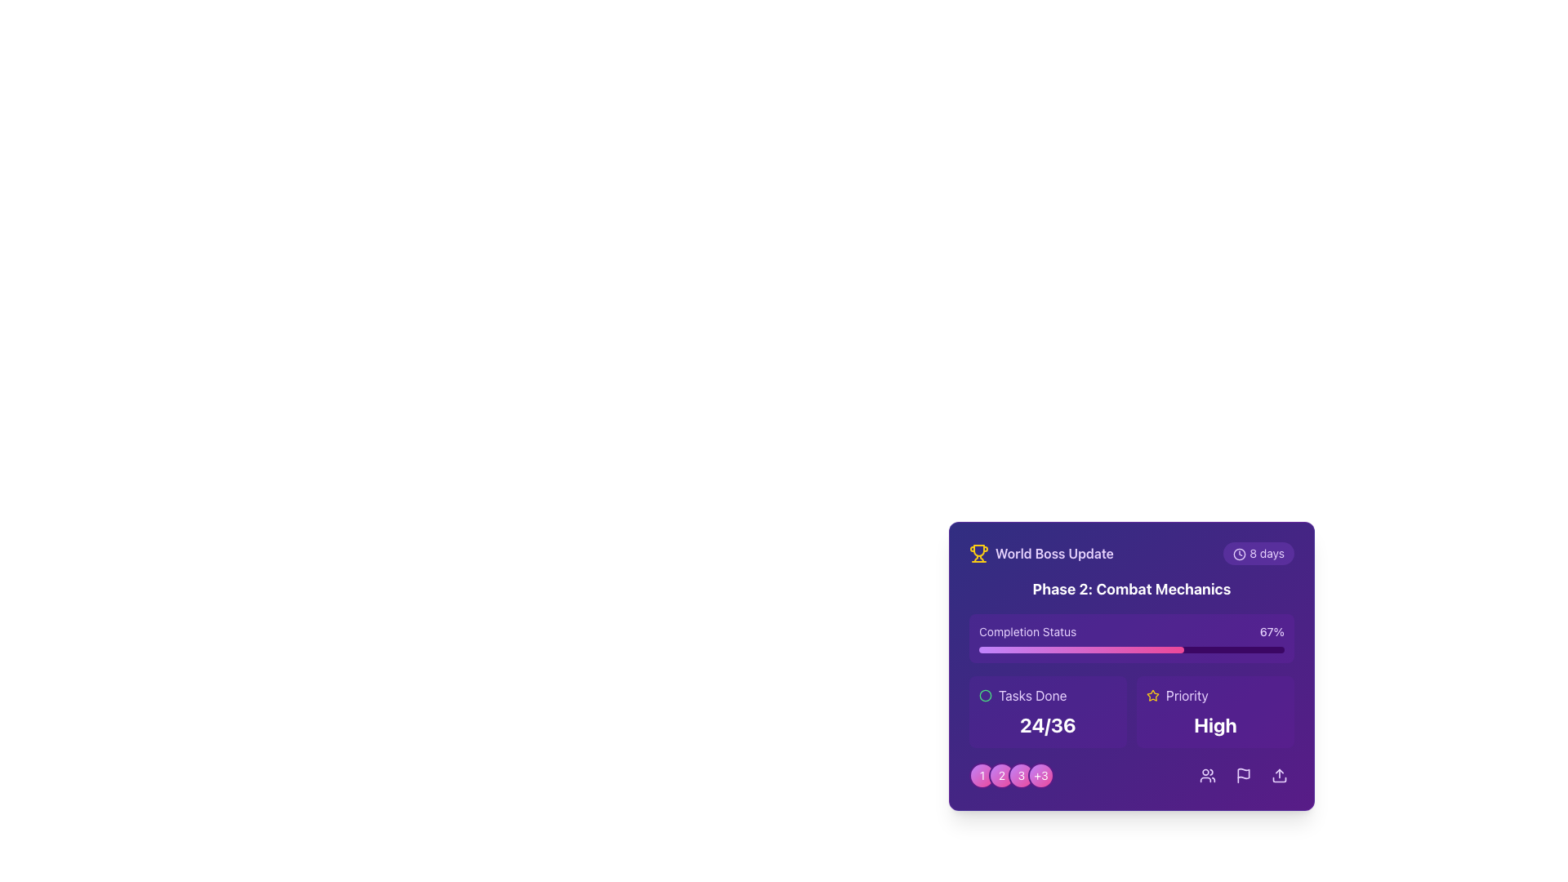 The image size is (1568, 882). Describe the element at coordinates (1215, 724) in the screenshot. I see `the bold, uppercase text label displaying 'High' styled with white text on a purple background, located in the lower-right portion of the interface next to a small star icon` at that location.